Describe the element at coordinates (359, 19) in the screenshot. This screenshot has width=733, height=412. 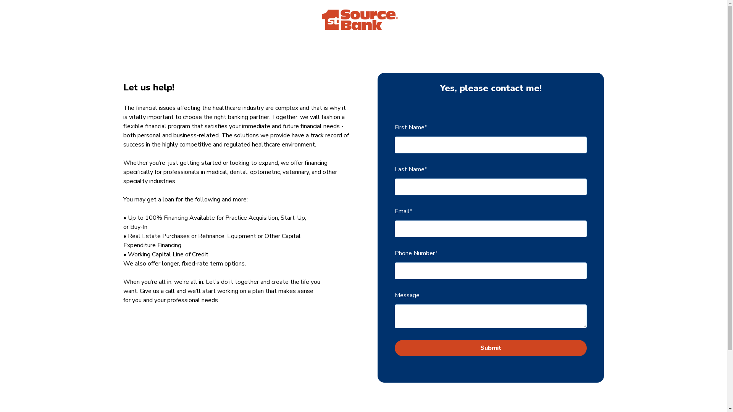
I see `'1st Source Bank'` at that location.